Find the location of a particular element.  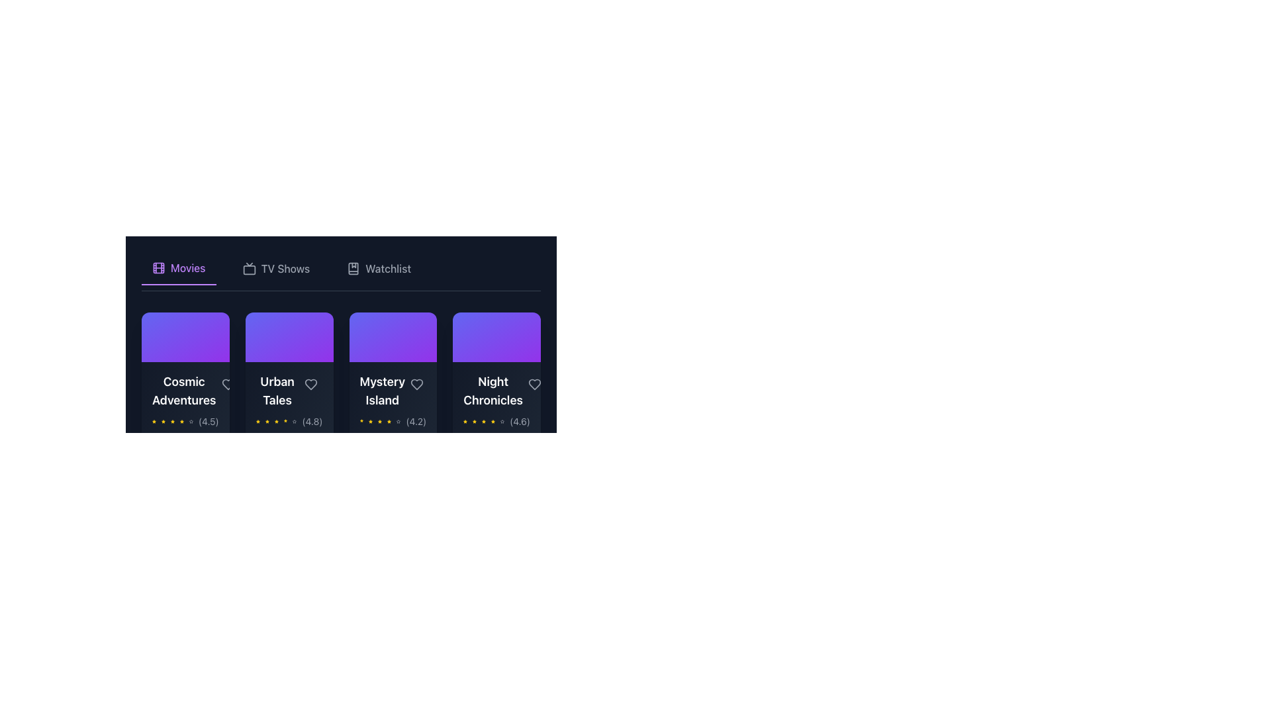

the 'Movies' tab text element, which is the first tab in the horizontal group next to a film reel icon is located at coordinates (187, 268).